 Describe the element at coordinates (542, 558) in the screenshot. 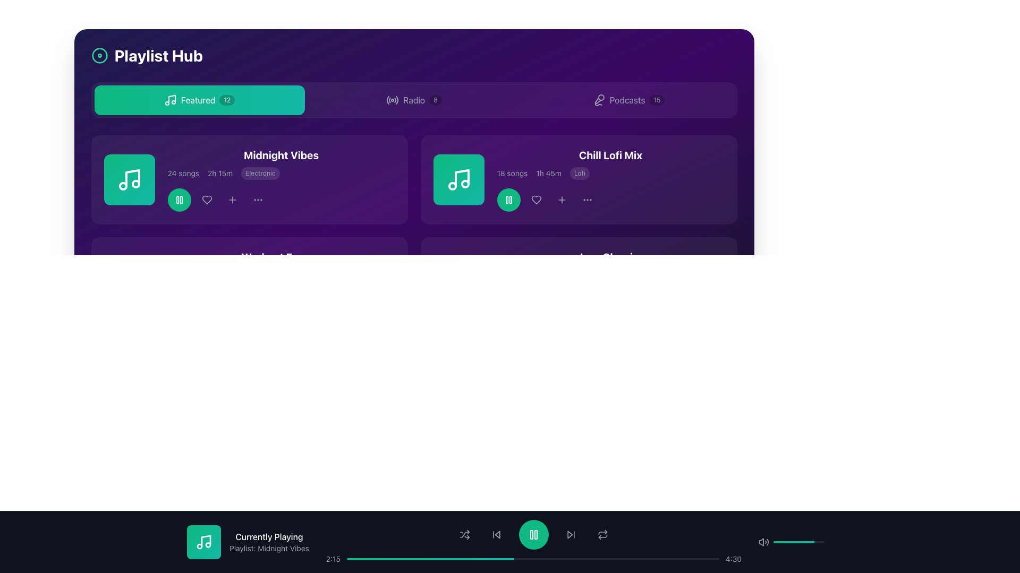

I see `playback time` at that location.